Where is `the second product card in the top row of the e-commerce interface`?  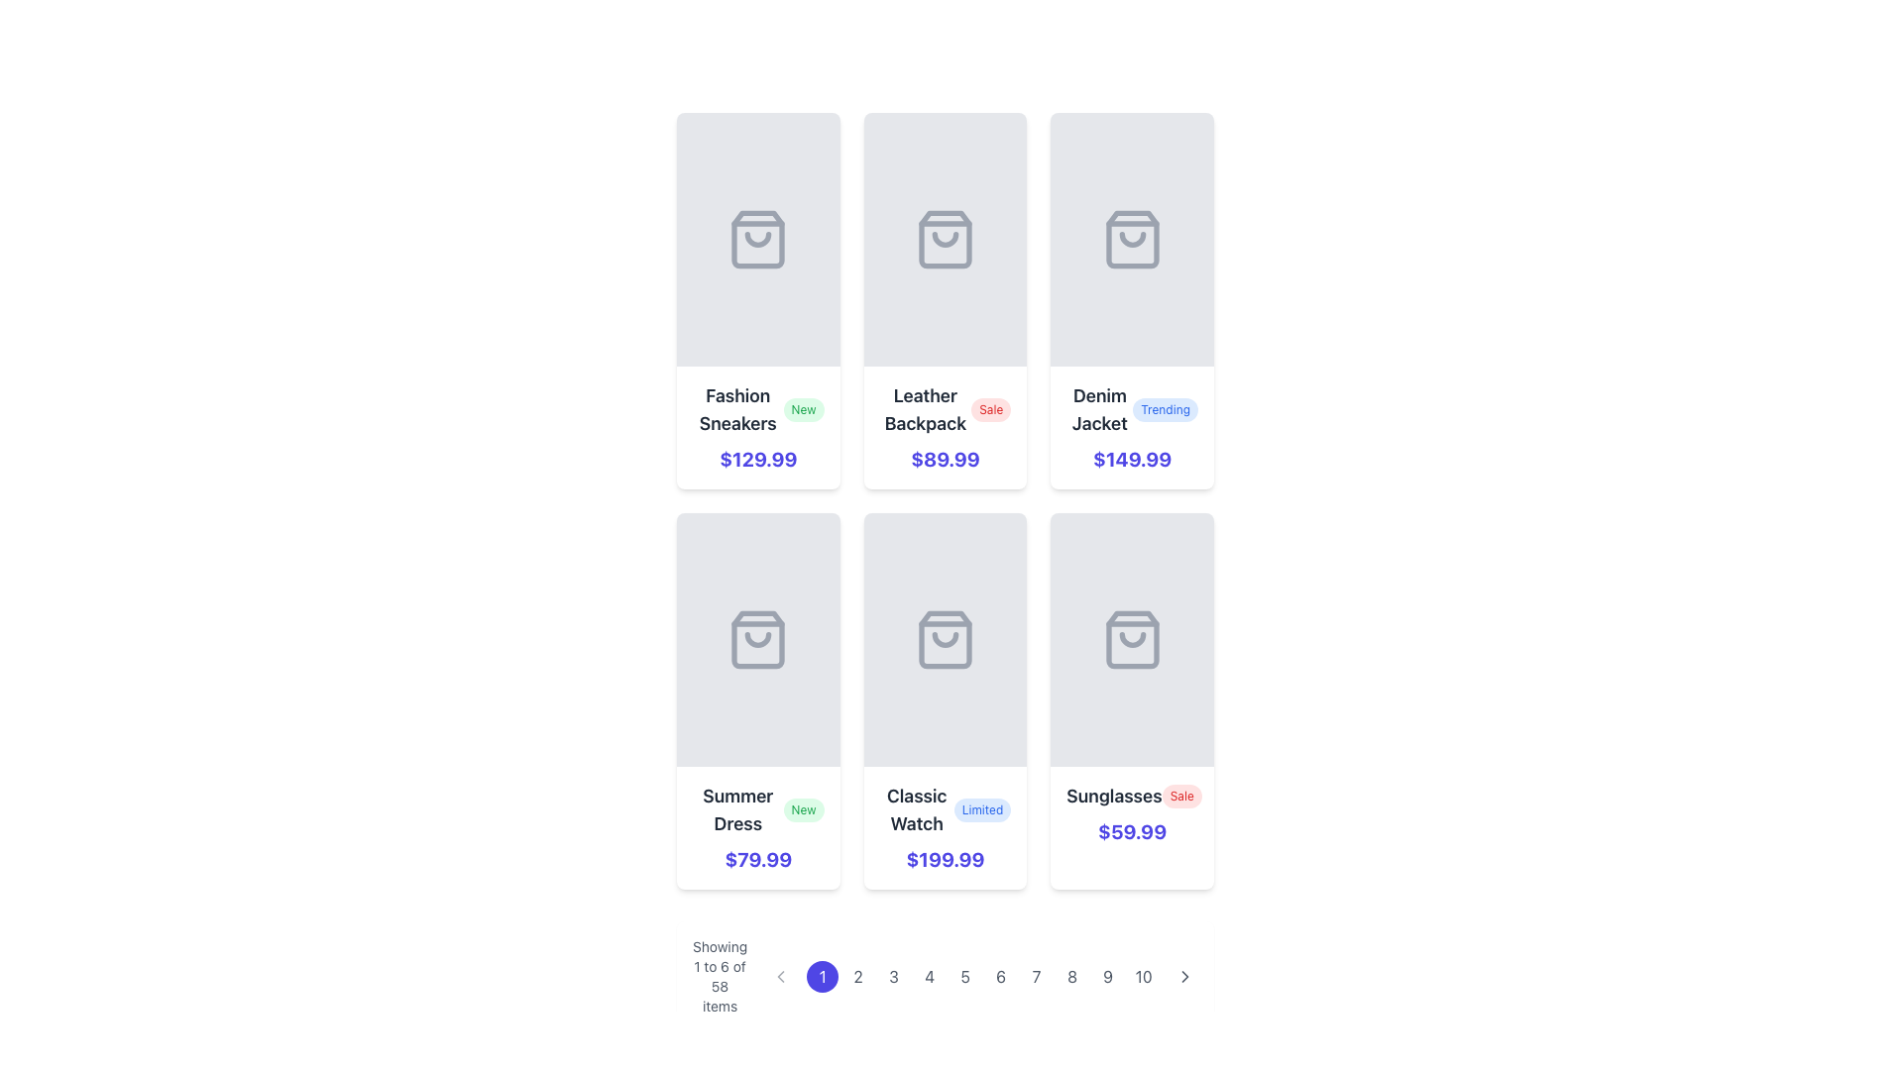
the second product card in the top row of the e-commerce interface is located at coordinates (945, 301).